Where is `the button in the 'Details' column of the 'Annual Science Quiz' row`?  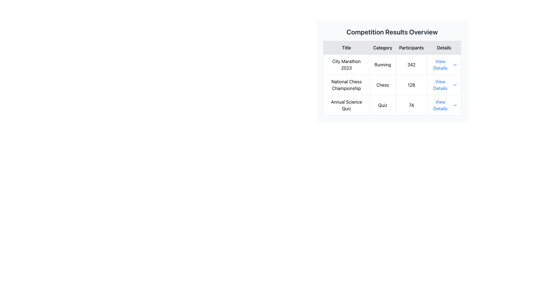 the button in the 'Details' column of the 'Annual Science Quiz' row is located at coordinates (444, 105).